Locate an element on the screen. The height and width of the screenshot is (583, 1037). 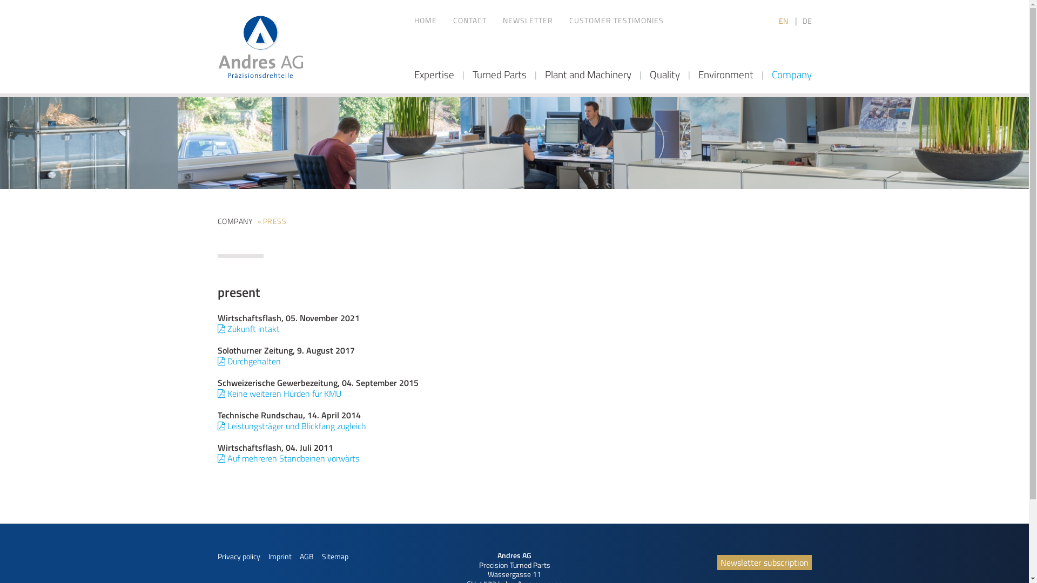
'Quality' is located at coordinates (648, 74).